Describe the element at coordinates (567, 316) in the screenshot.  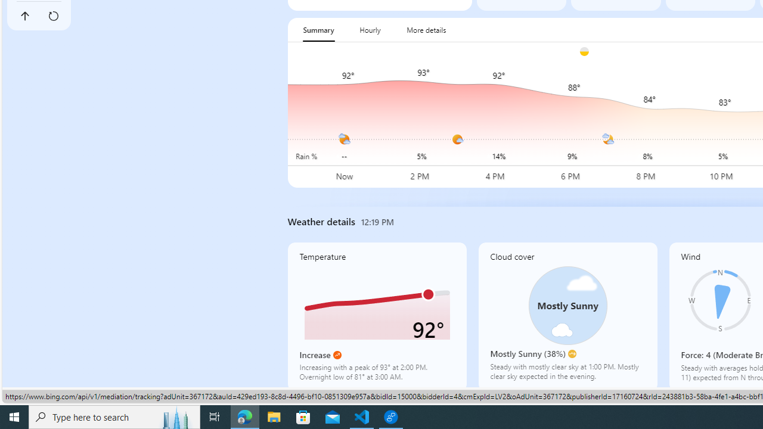
I see `'Cloud cover'` at that location.